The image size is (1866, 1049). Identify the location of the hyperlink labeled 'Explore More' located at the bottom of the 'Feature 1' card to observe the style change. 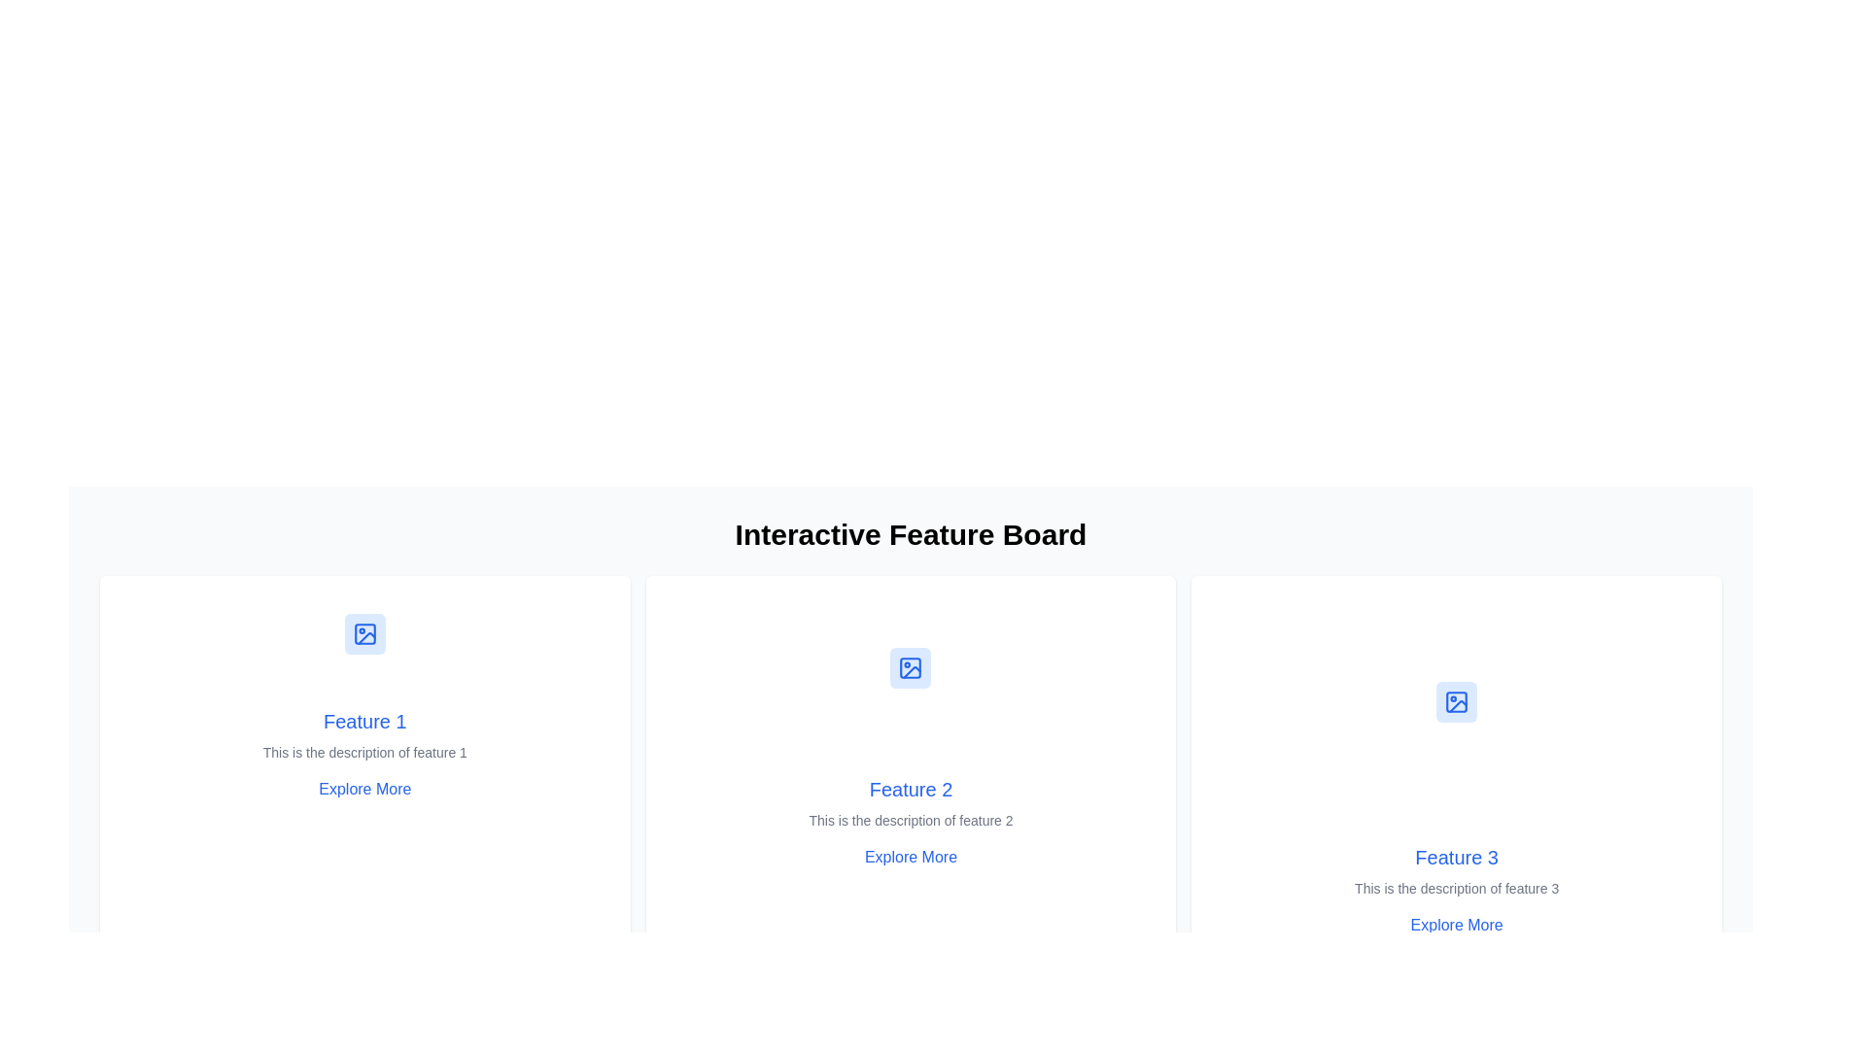
(364, 790).